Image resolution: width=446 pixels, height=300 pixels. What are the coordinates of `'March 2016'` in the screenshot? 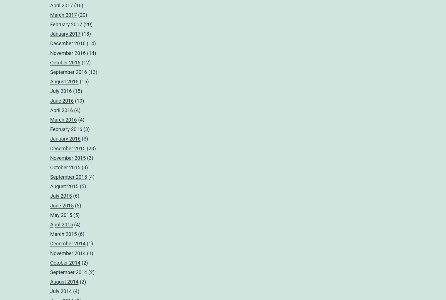 It's located at (50, 119).